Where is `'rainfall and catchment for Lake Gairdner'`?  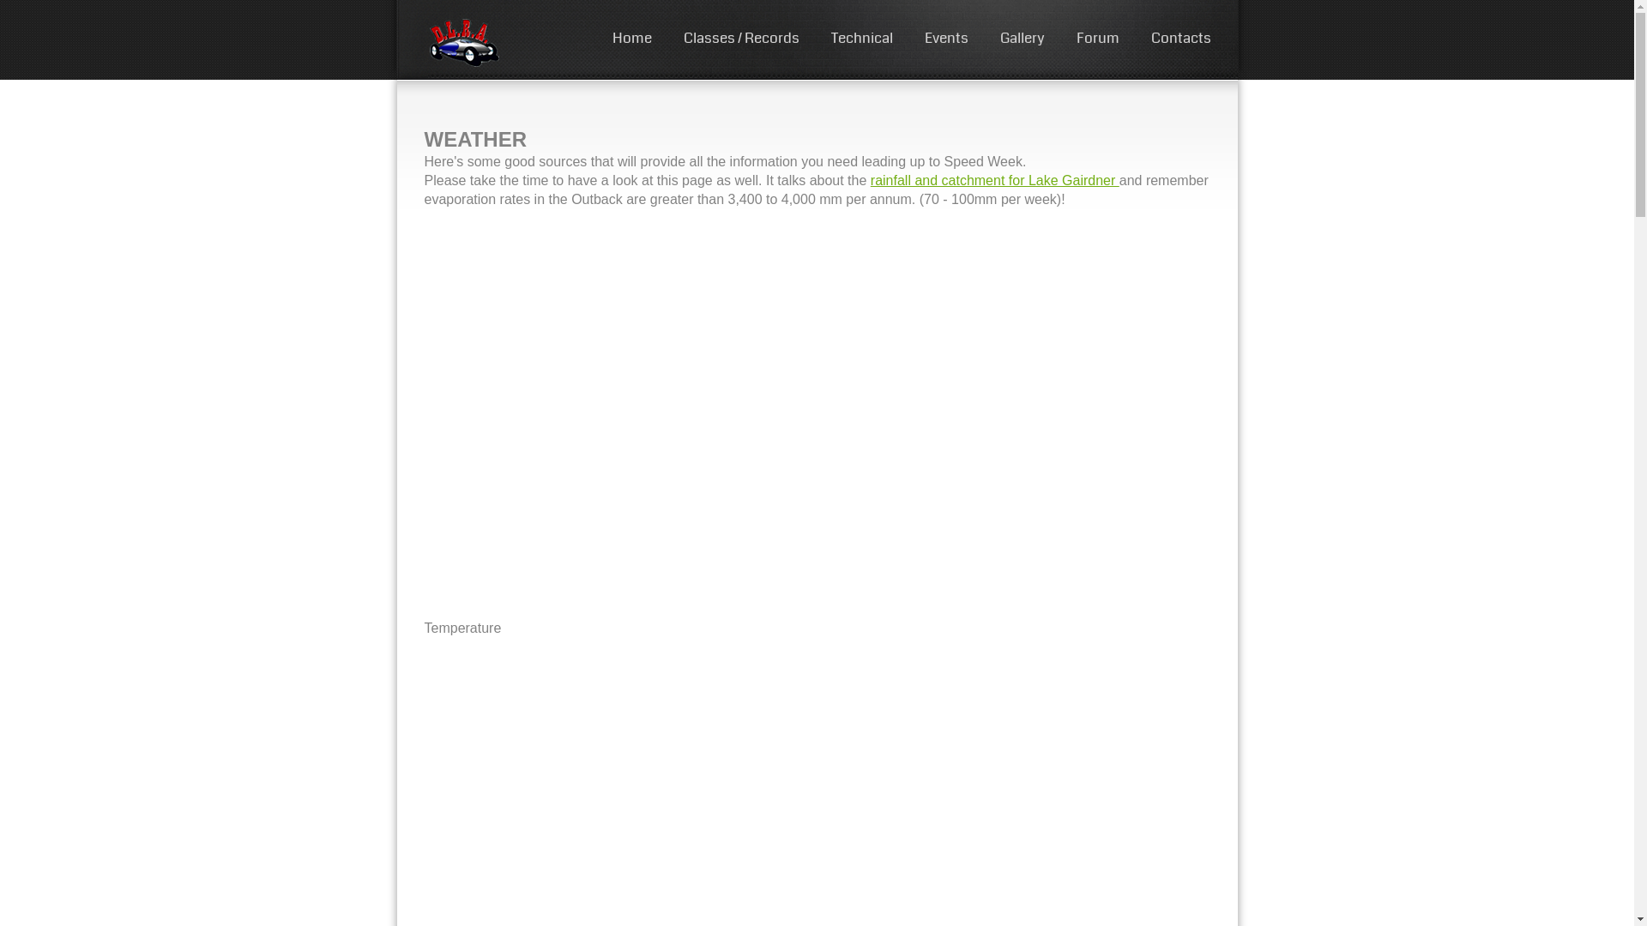
'rainfall and catchment for Lake Gairdner' is located at coordinates (870, 180).